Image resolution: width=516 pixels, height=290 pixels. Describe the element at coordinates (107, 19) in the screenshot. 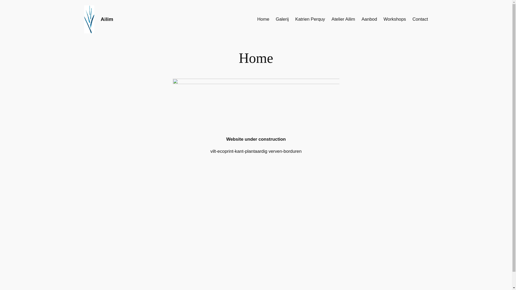

I see `'Ailim'` at that location.